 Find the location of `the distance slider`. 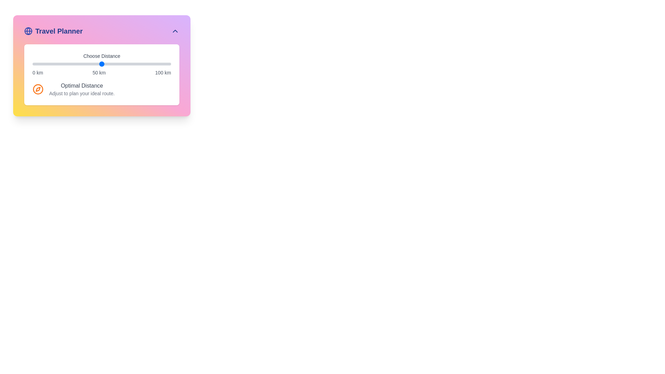

the distance slider is located at coordinates (46, 64).